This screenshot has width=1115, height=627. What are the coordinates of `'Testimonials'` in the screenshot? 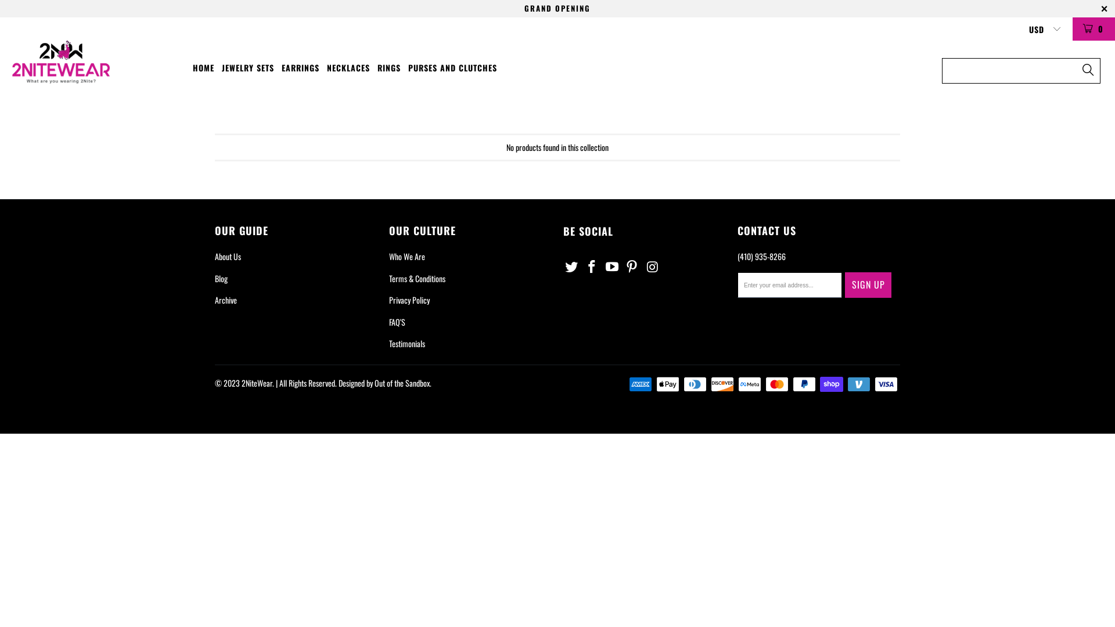 It's located at (407, 343).